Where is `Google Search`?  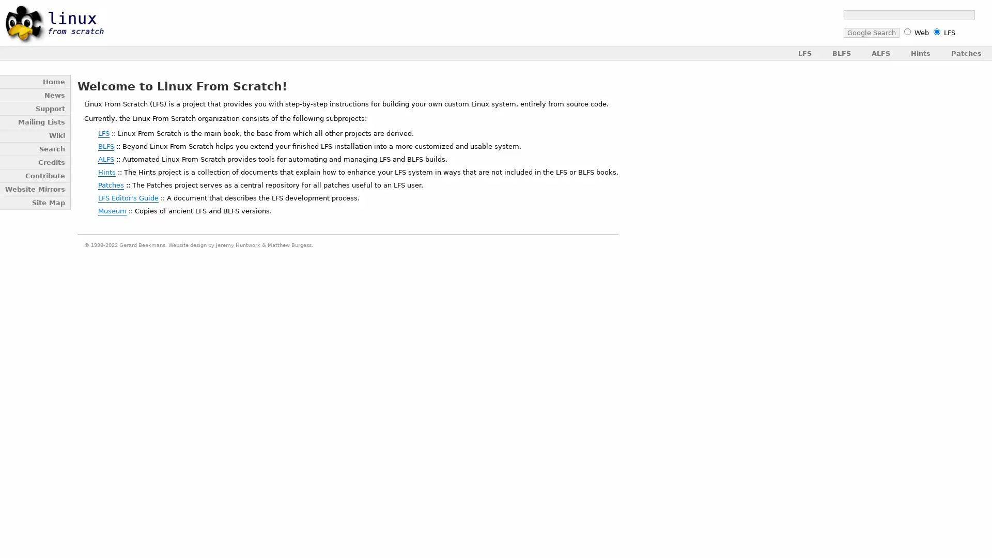
Google Search is located at coordinates (870, 32).